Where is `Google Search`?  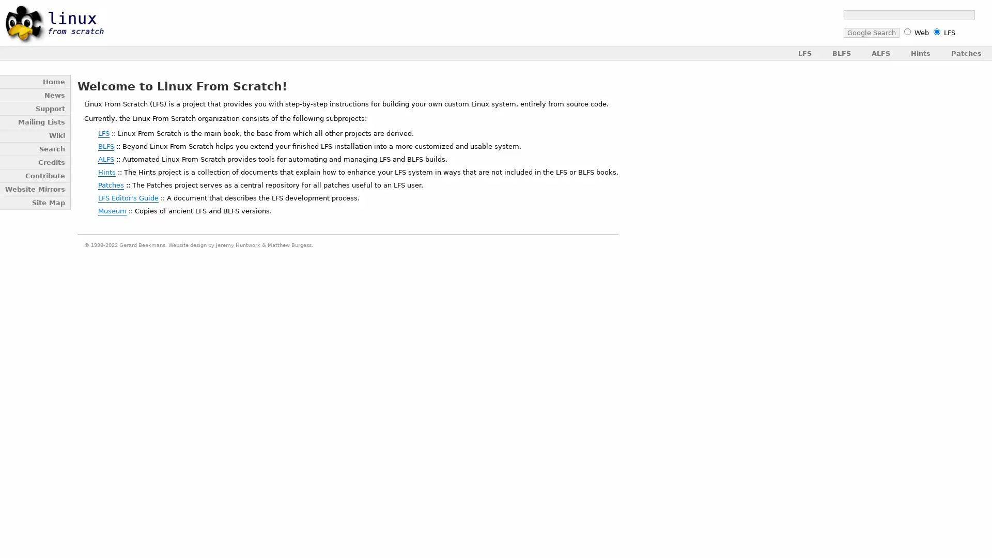
Google Search is located at coordinates (870, 32).